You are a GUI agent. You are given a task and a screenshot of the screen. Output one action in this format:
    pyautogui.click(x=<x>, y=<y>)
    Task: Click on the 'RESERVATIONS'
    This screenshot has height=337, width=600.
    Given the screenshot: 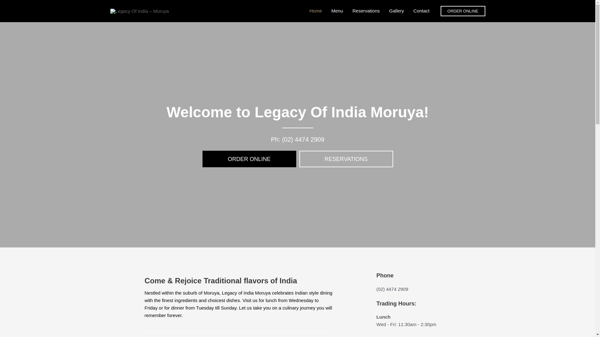 What is the action you would take?
    pyautogui.click(x=346, y=159)
    